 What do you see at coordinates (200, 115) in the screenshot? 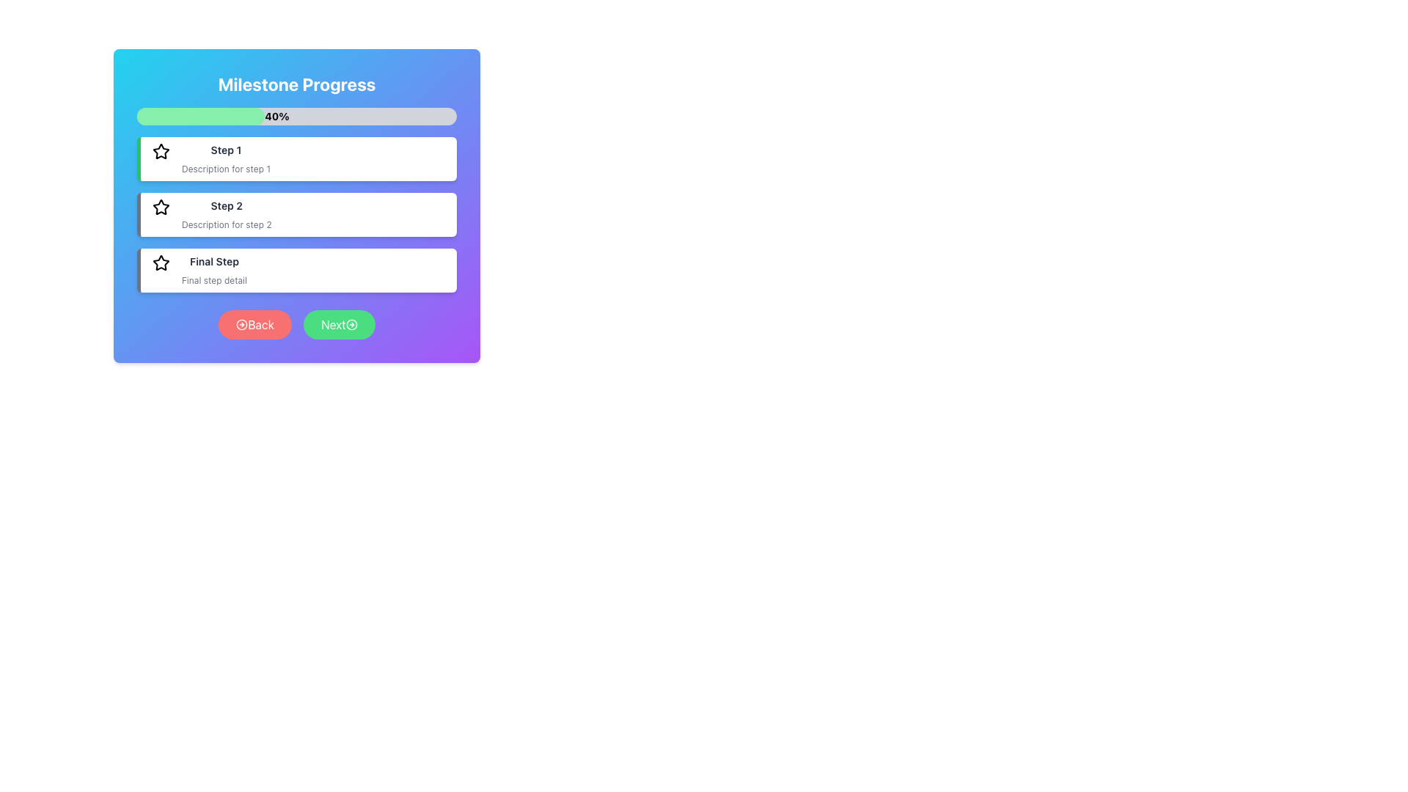
I see `the green progress bar that represents 40% completion, located below the title 'Milestone Progress'` at bounding box center [200, 115].